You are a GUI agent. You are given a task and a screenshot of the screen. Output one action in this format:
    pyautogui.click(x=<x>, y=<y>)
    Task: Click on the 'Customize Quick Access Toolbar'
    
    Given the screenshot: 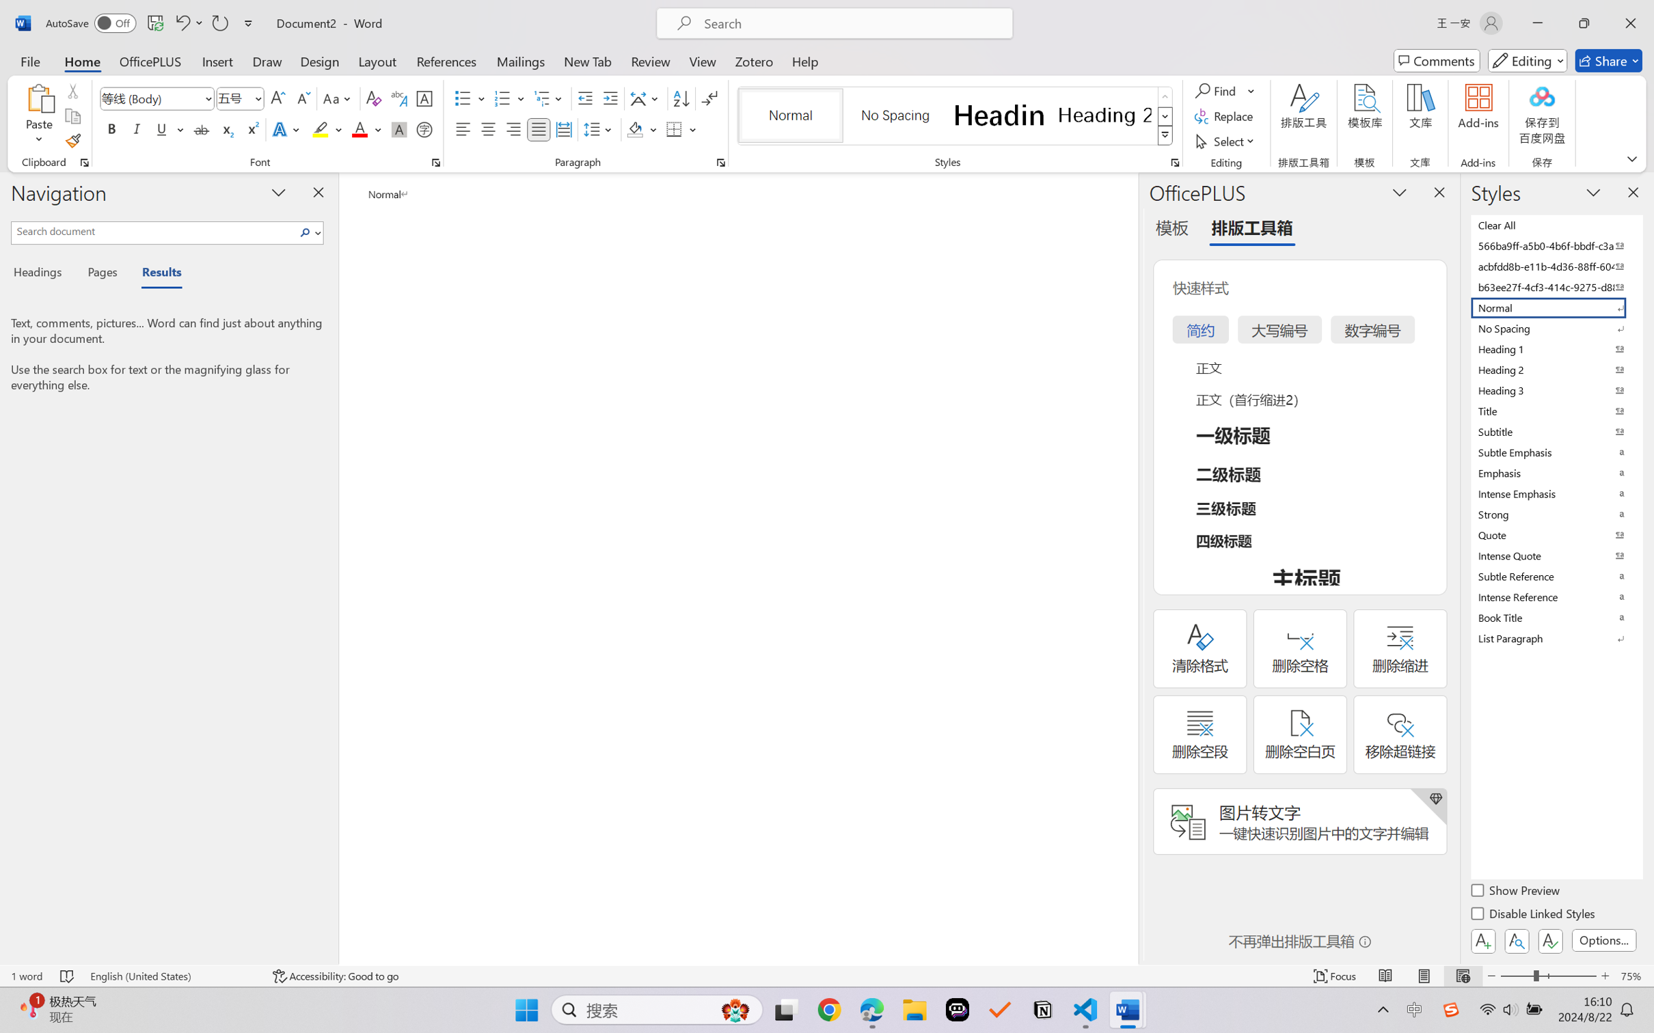 What is the action you would take?
    pyautogui.click(x=248, y=23)
    